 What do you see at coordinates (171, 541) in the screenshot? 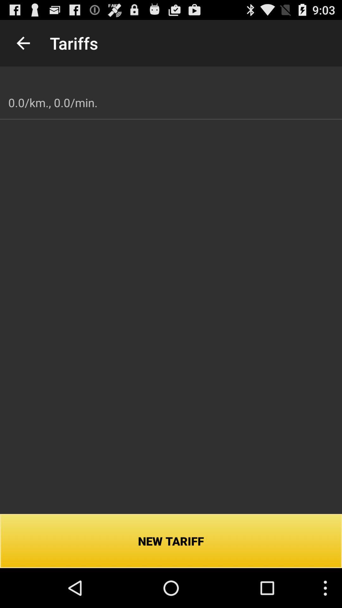
I see `new tariff item` at bounding box center [171, 541].